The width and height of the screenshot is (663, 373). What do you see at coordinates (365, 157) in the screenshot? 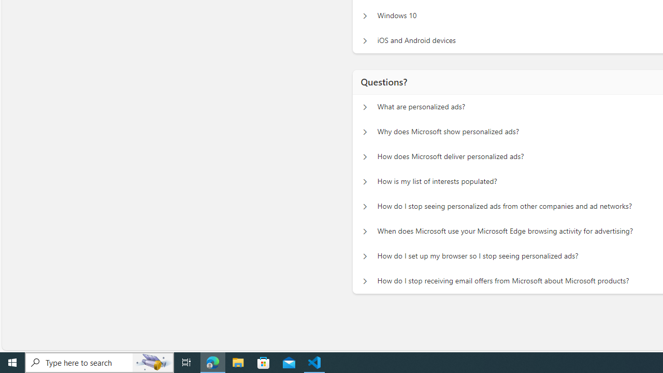
I see `'Questions? How does Microsoft deliver personalized ads?'` at bounding box center [365, 157].